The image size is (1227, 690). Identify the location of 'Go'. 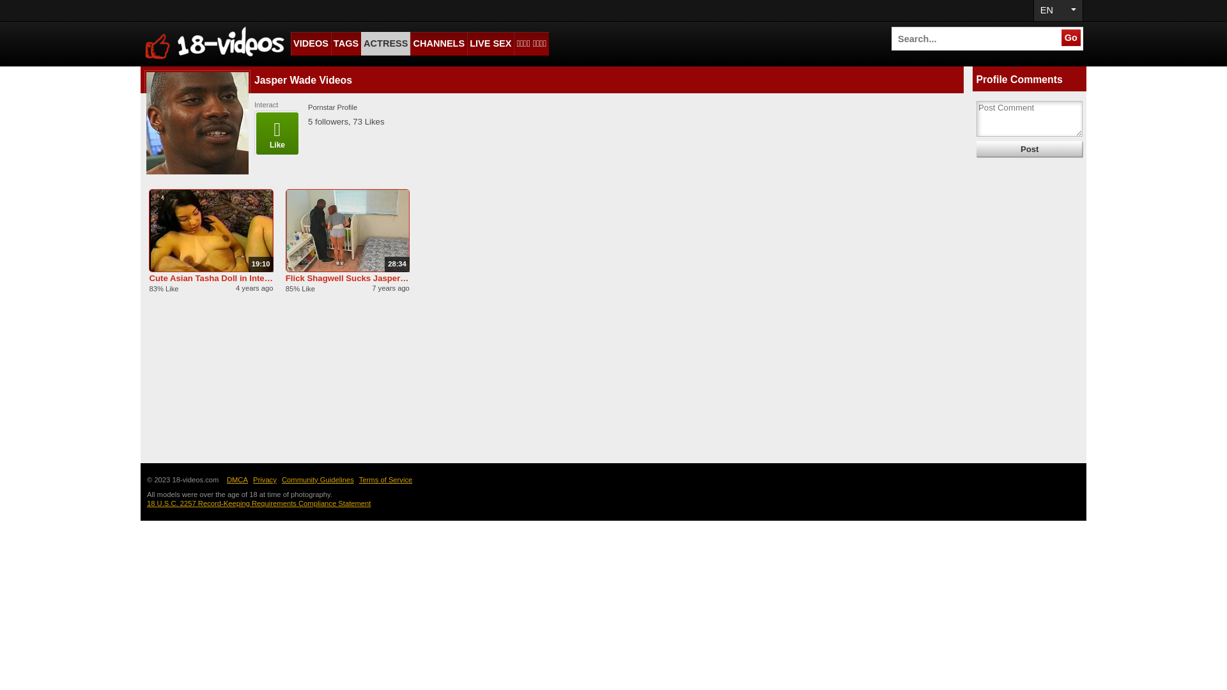
(1070, 36).